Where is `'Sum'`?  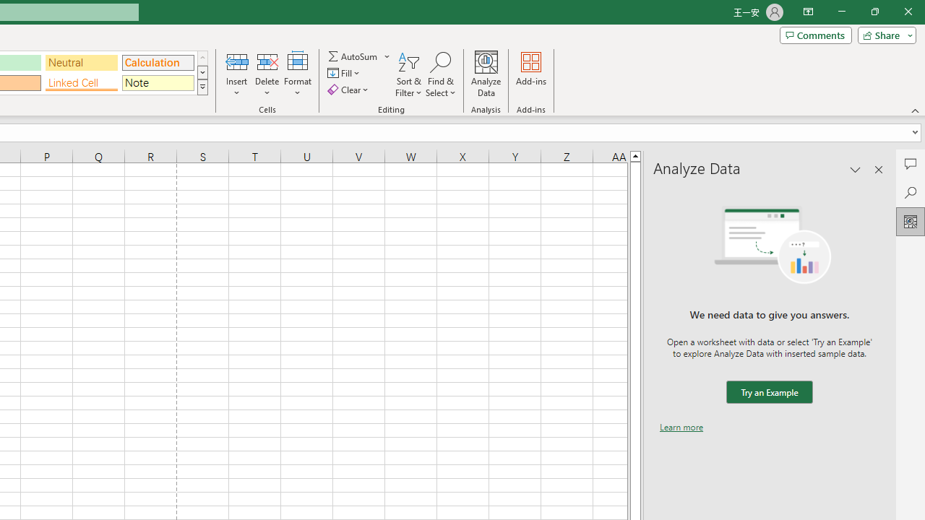 'Sum' is located at coordinates (353, 56).